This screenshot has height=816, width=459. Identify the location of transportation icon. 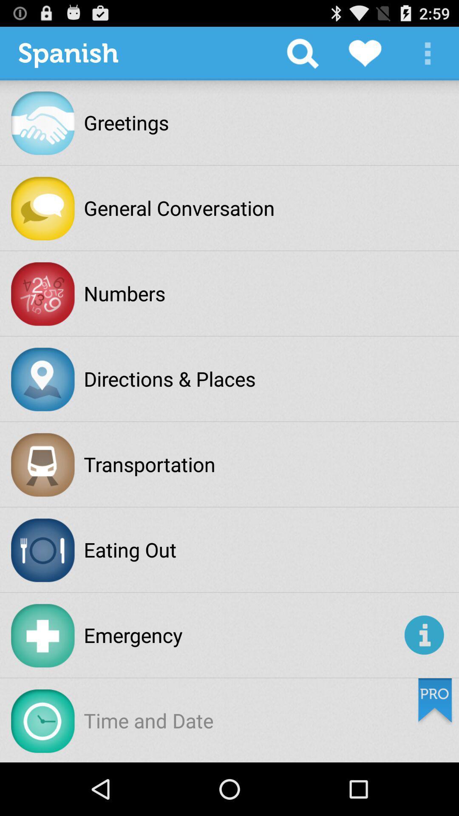
(149, 464).